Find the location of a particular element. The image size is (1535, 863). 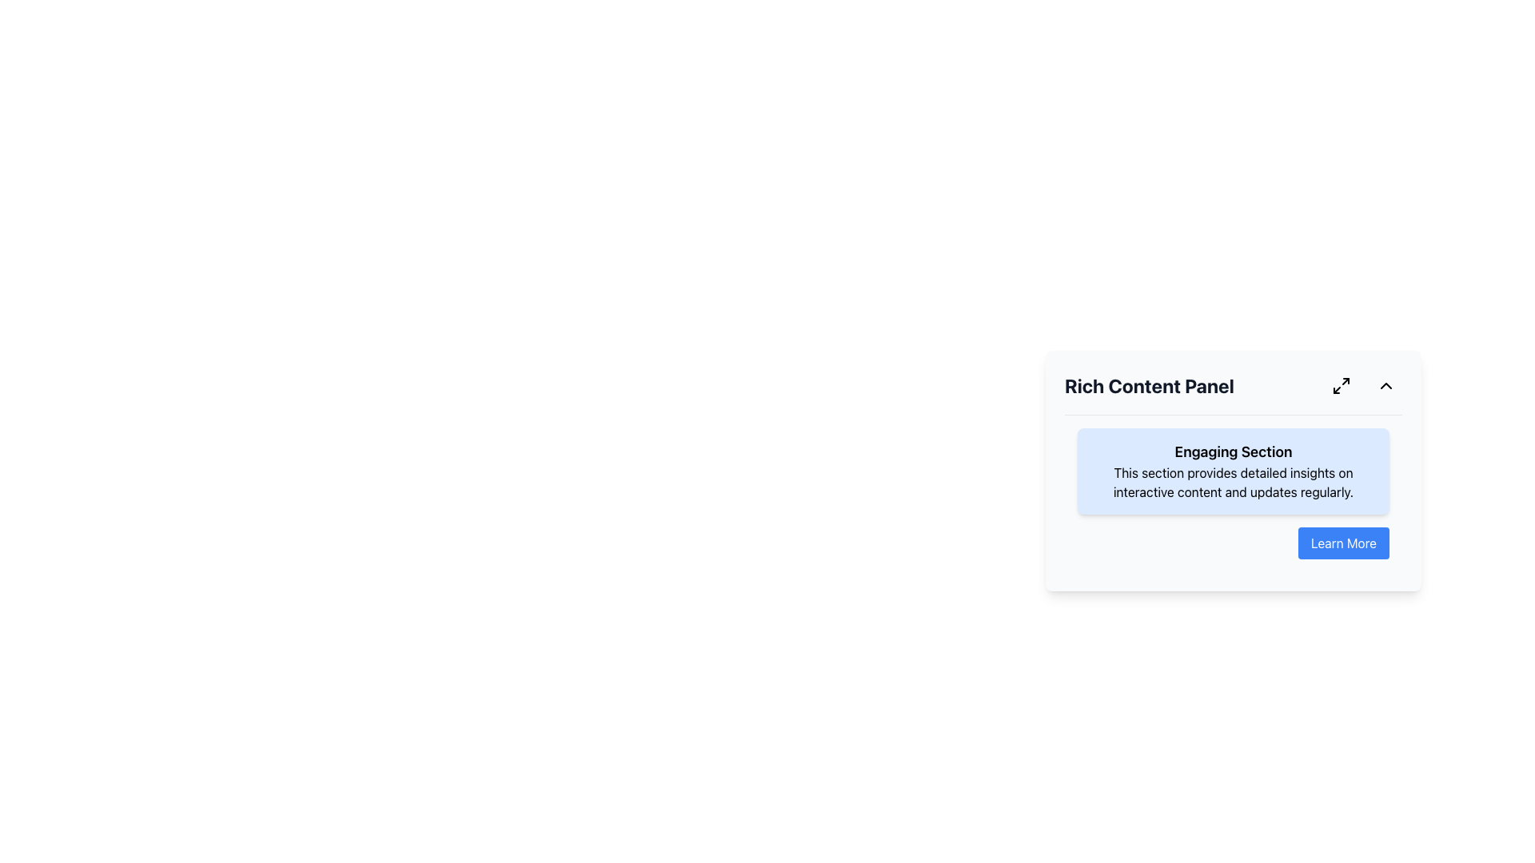

the rounded square button with diagonal arrows in the top-right corner of the 'Rich Content Panel' header to change its background color is located at coordinates (1342, 385).